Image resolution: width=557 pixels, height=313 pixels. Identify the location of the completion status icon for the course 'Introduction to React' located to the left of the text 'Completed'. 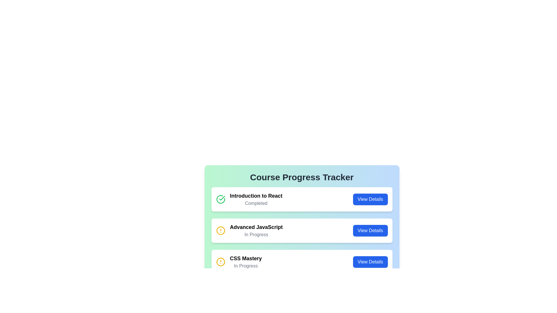
(220, 199).